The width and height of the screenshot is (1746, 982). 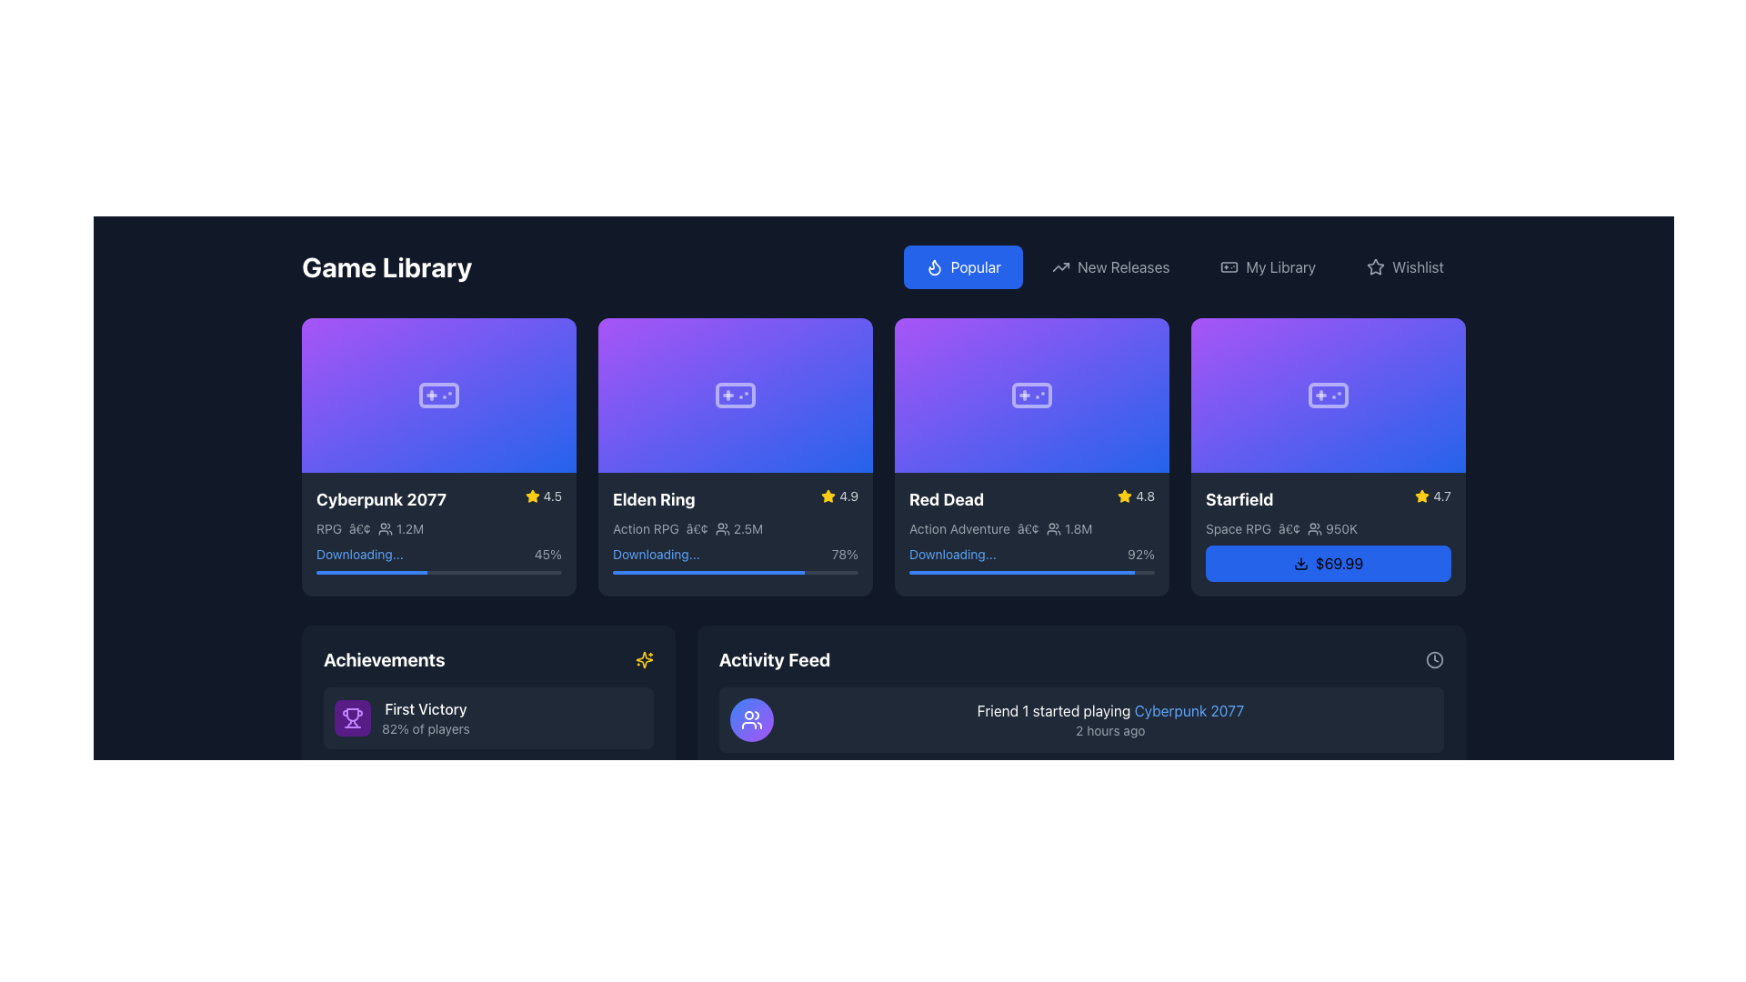 What do you see at coordinates (938, 571) in the screenshot?
I see `the download progress` at bounding box center [938, 571].